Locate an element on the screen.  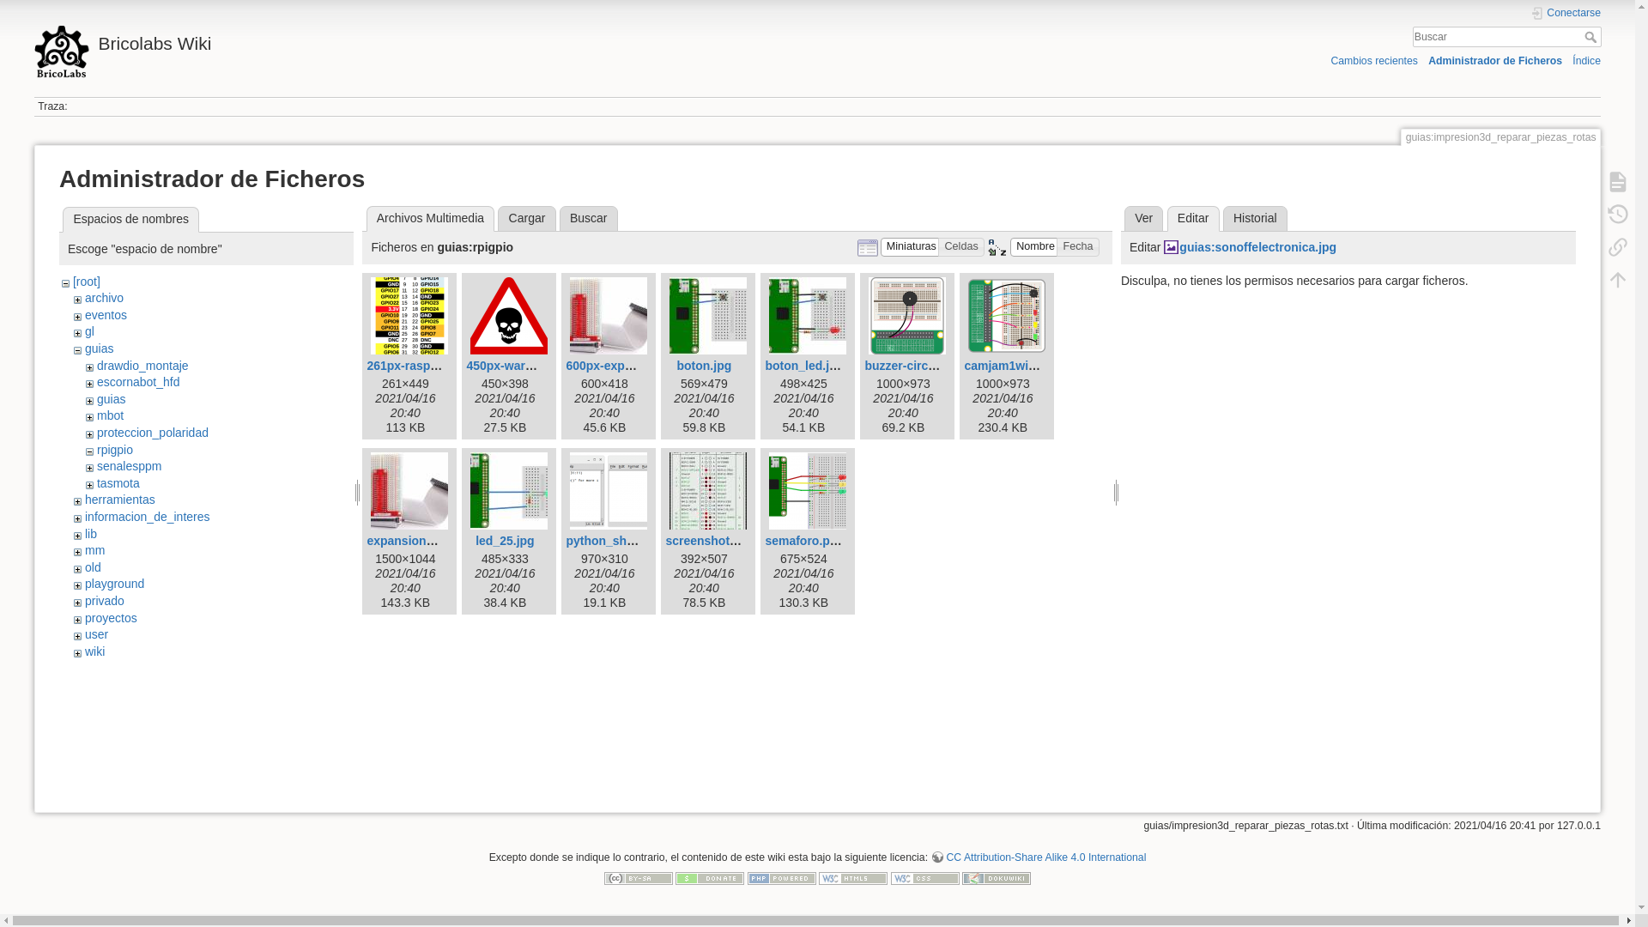
'Valid CSS' is located at coordinates (924, 877).